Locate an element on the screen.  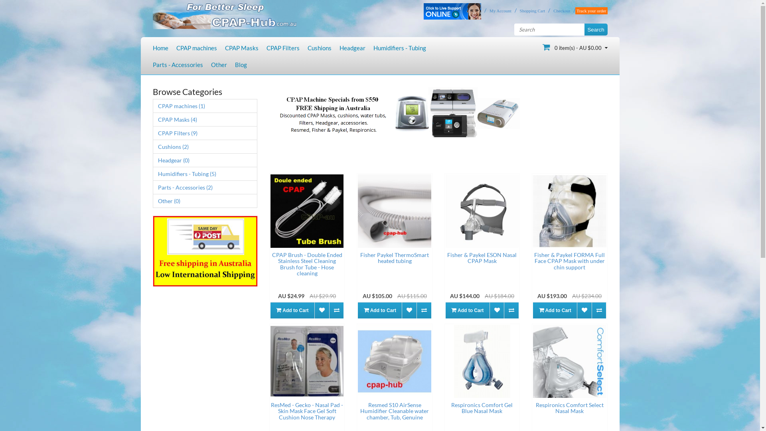
'Add to Cart' is located at coordinates (379, 310).